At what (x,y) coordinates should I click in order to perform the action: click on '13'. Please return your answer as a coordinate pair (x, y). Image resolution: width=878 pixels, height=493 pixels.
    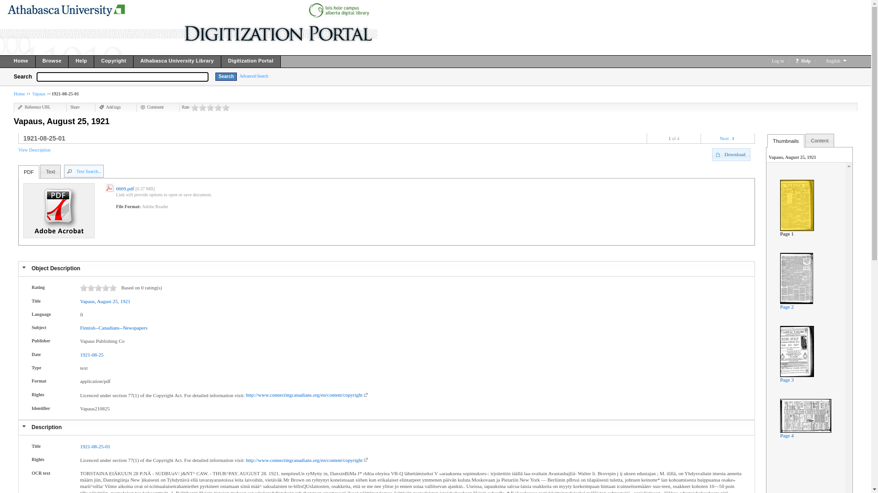
    Looking at the image, I should click on (102, 288).